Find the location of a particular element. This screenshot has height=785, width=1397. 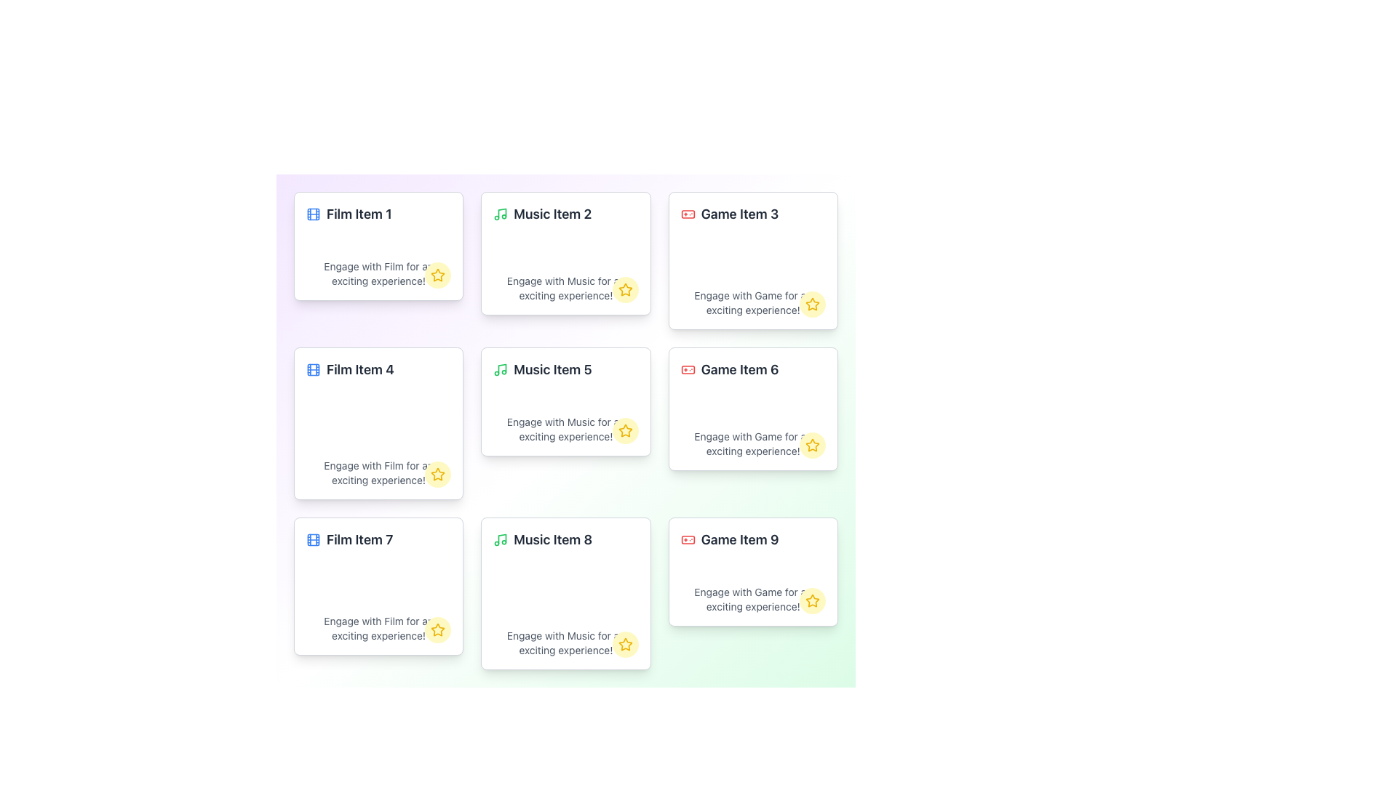

the text label that provides a description or call to action related to the content of the card titled 'Music Item 5', located at the bottom section of the card, centered horizontally is located at coordinates (565, 428).